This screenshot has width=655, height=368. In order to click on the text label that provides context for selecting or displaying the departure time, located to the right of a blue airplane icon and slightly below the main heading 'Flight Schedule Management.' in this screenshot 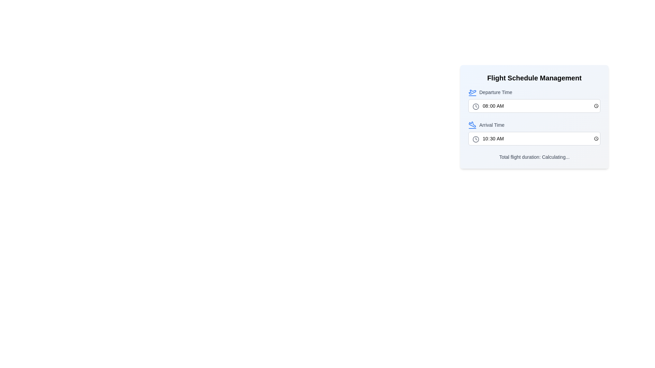, I will do `click(496, 92)`.